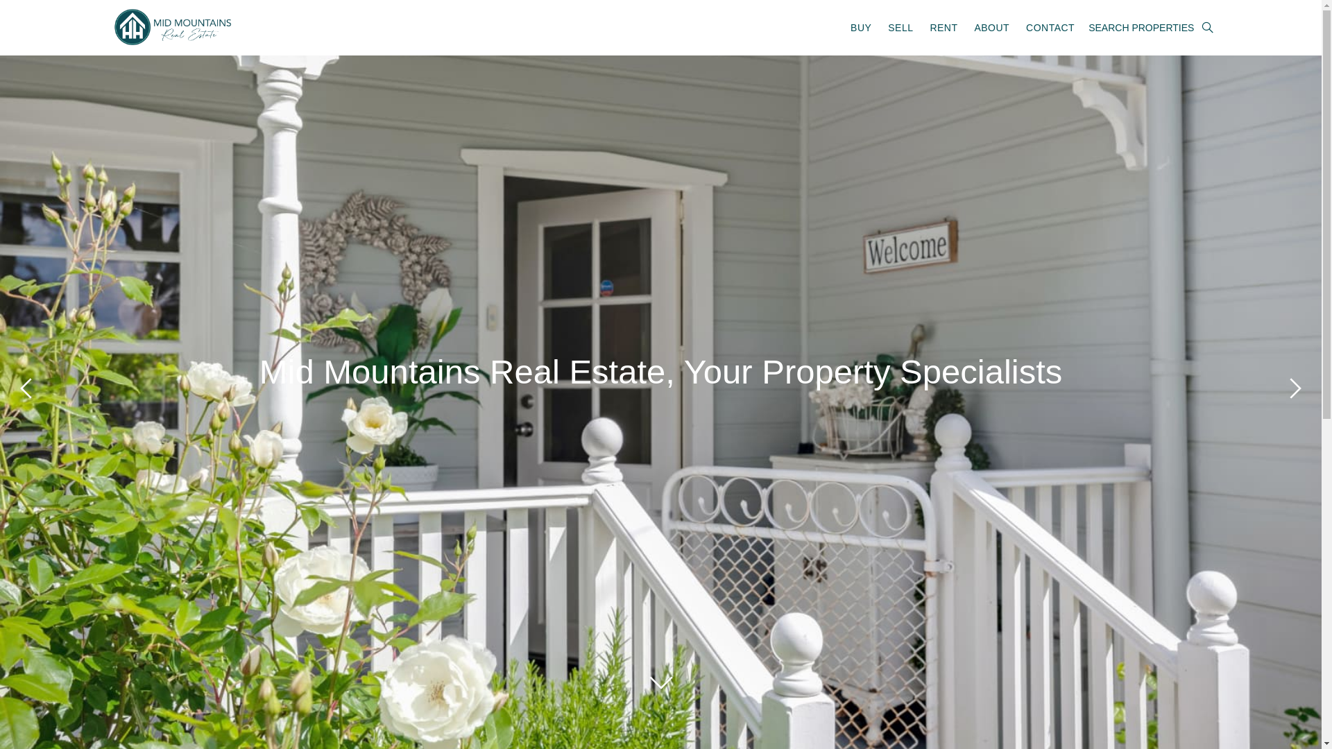 This screenshot has width=1332, height=749. What do you see at coordinates (900, 27) in the screenshot?
I see `'SELL'` at bounding box center [900, 27].